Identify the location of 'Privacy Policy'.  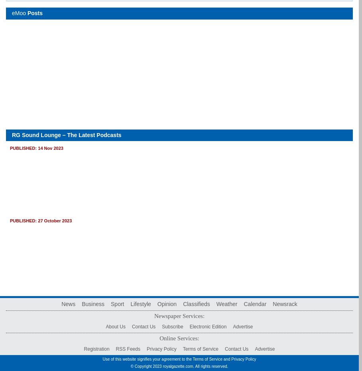
(161, 349).